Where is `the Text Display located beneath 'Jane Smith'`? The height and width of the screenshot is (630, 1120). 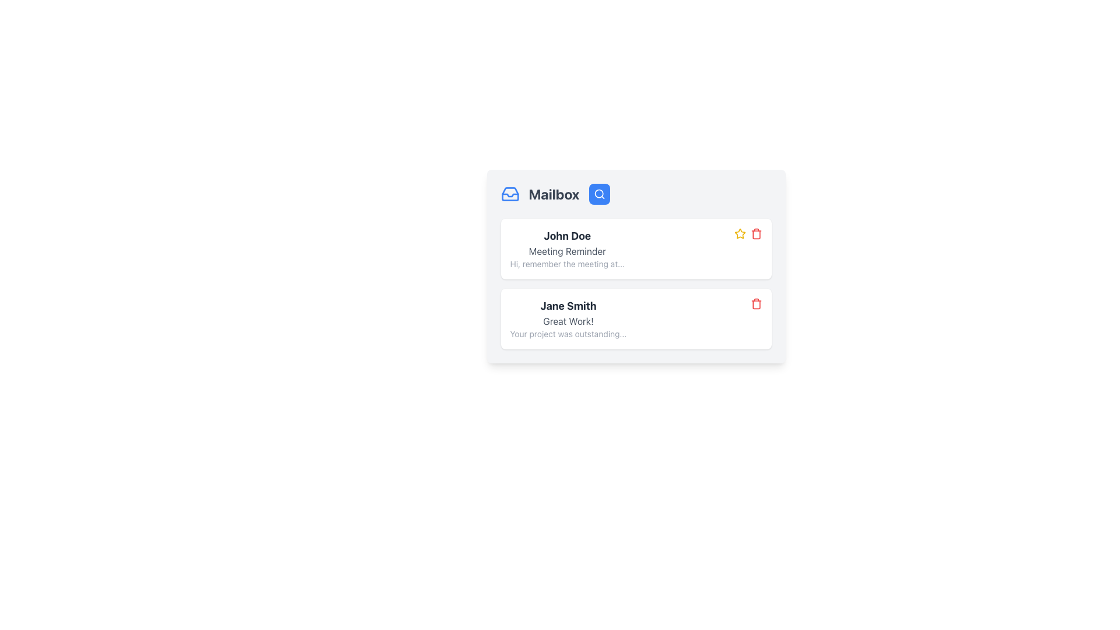 the Text Display located beneath 'Jane Smith' is located at coordinates (568, 321).